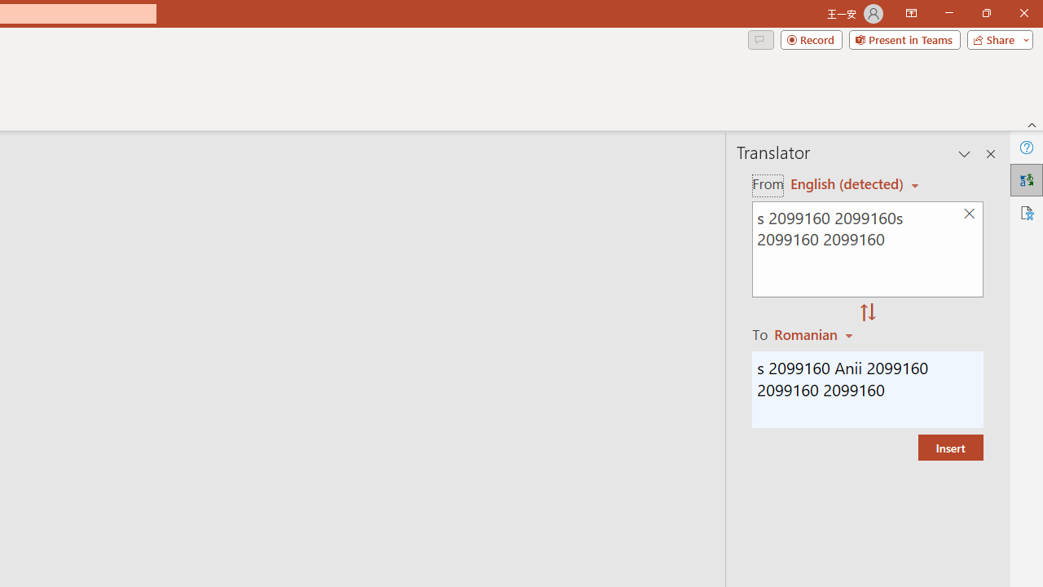 Image resolution: width=1043 pixels, height=587 pixels. I want to click on 'Swap "from" and "to" languages.', so click(867, 313).